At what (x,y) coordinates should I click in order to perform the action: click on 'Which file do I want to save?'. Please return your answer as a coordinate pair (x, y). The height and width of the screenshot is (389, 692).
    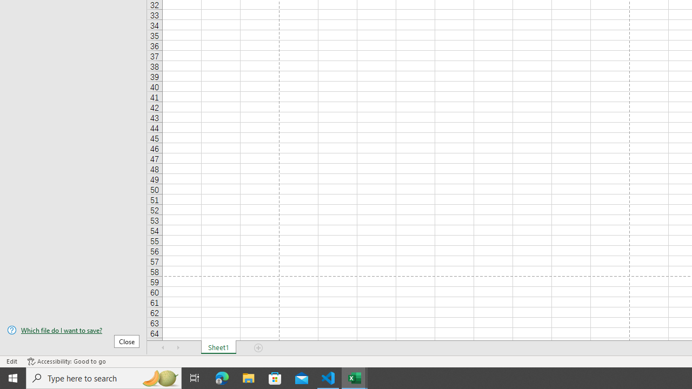
    Looking at the image, I should click on (73, 330).